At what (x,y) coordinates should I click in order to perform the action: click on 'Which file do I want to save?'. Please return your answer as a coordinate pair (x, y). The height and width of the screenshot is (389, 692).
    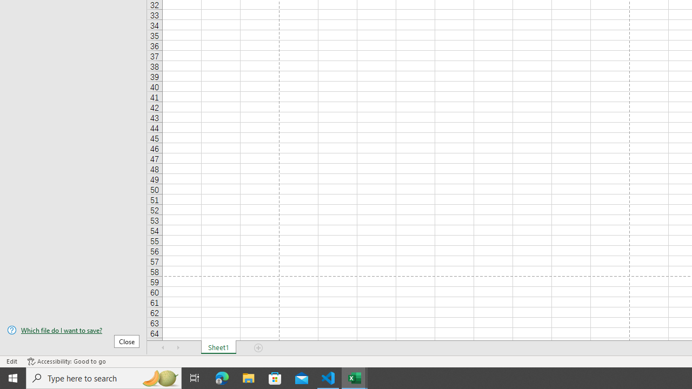
    Looking at the image, I should click on (73, 330).